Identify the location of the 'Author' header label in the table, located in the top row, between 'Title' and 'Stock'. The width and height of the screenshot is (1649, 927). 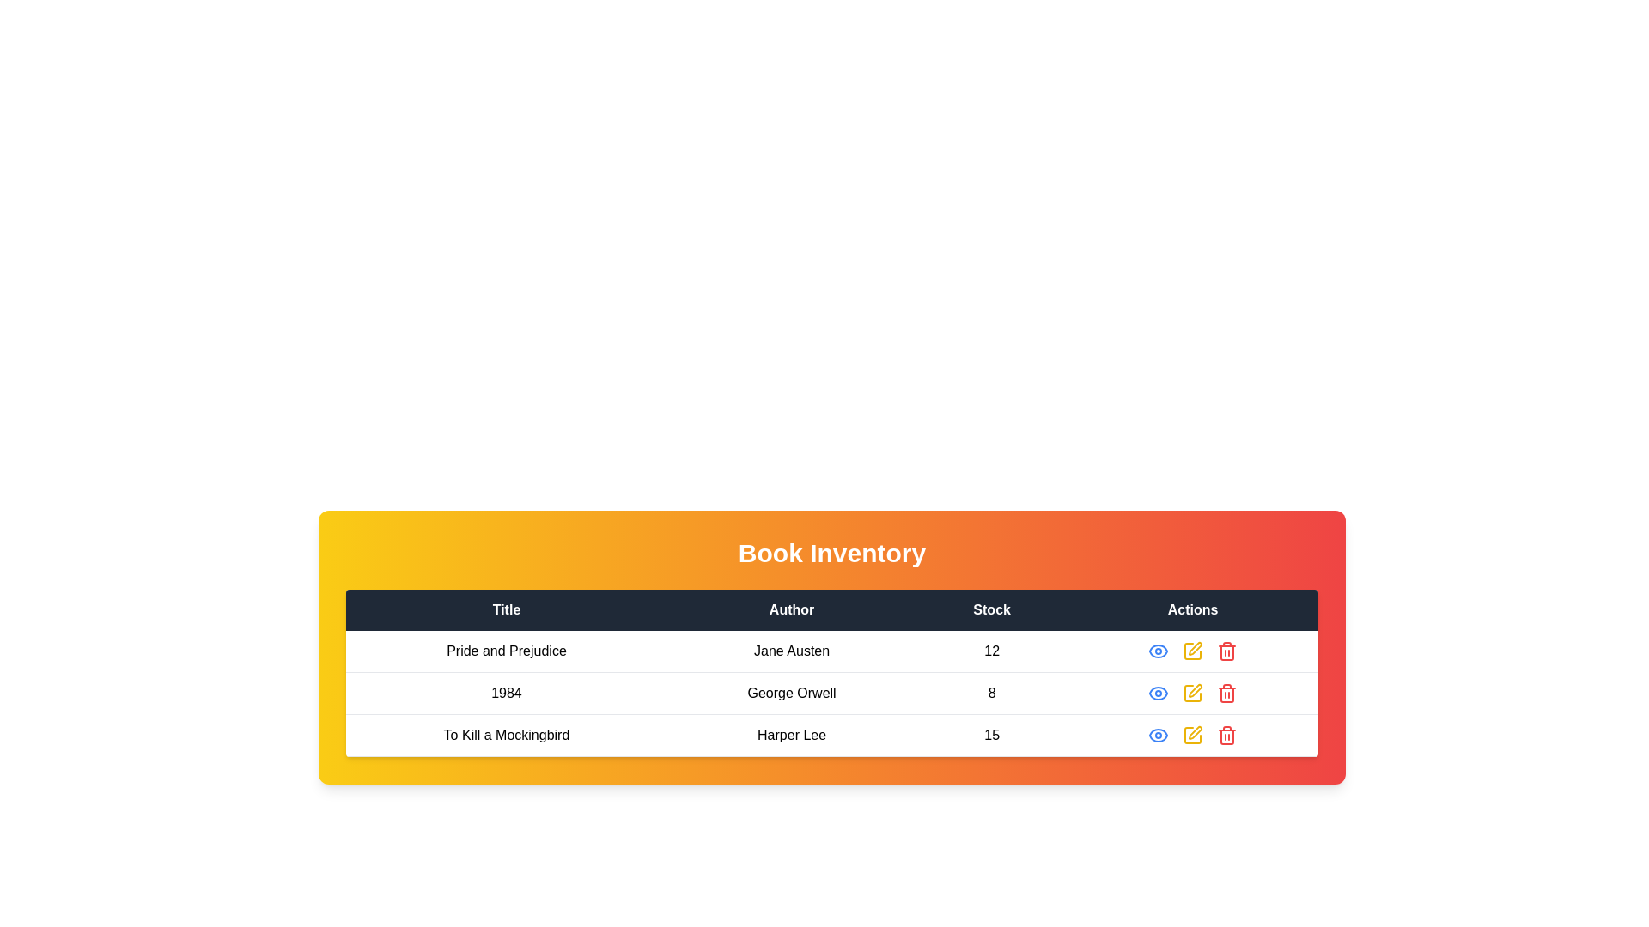
(791, 609).